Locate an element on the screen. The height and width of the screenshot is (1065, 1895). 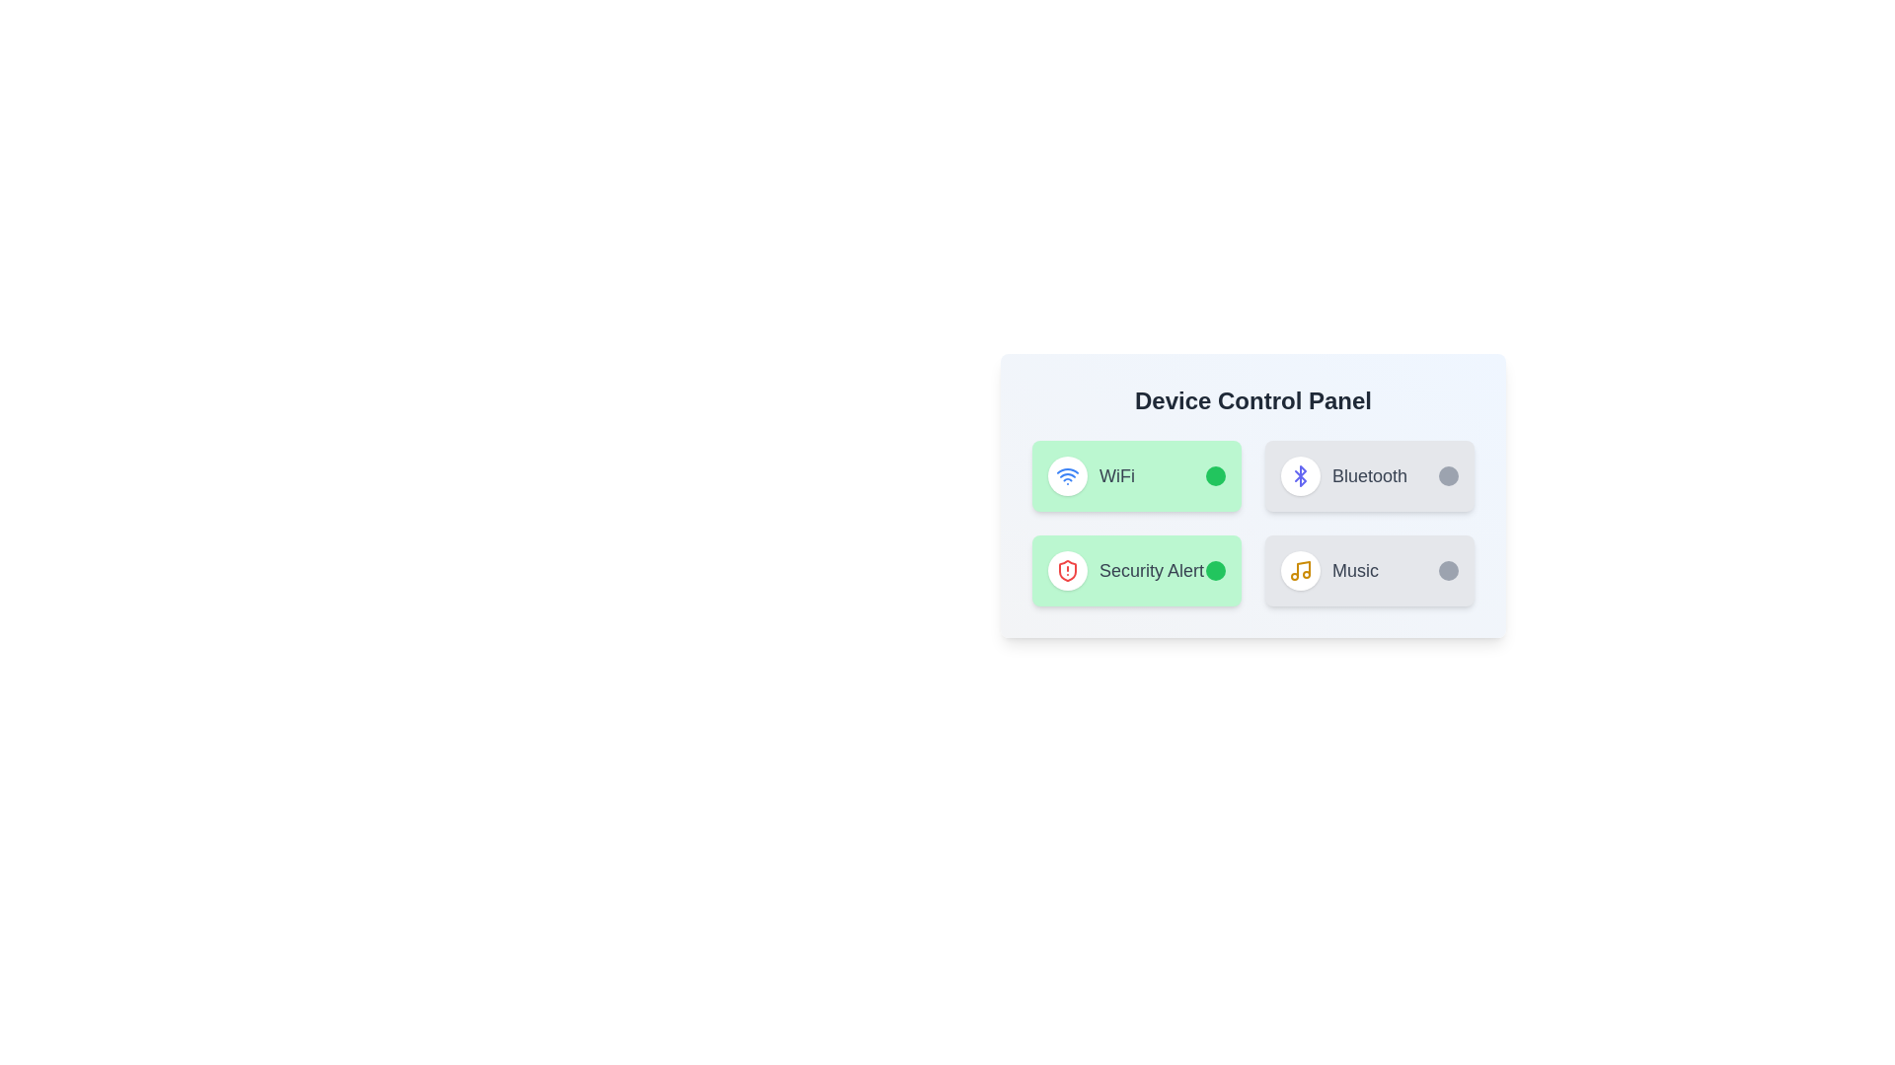
the WiFi card to toggle its state is located at coordinates (1137, 475).